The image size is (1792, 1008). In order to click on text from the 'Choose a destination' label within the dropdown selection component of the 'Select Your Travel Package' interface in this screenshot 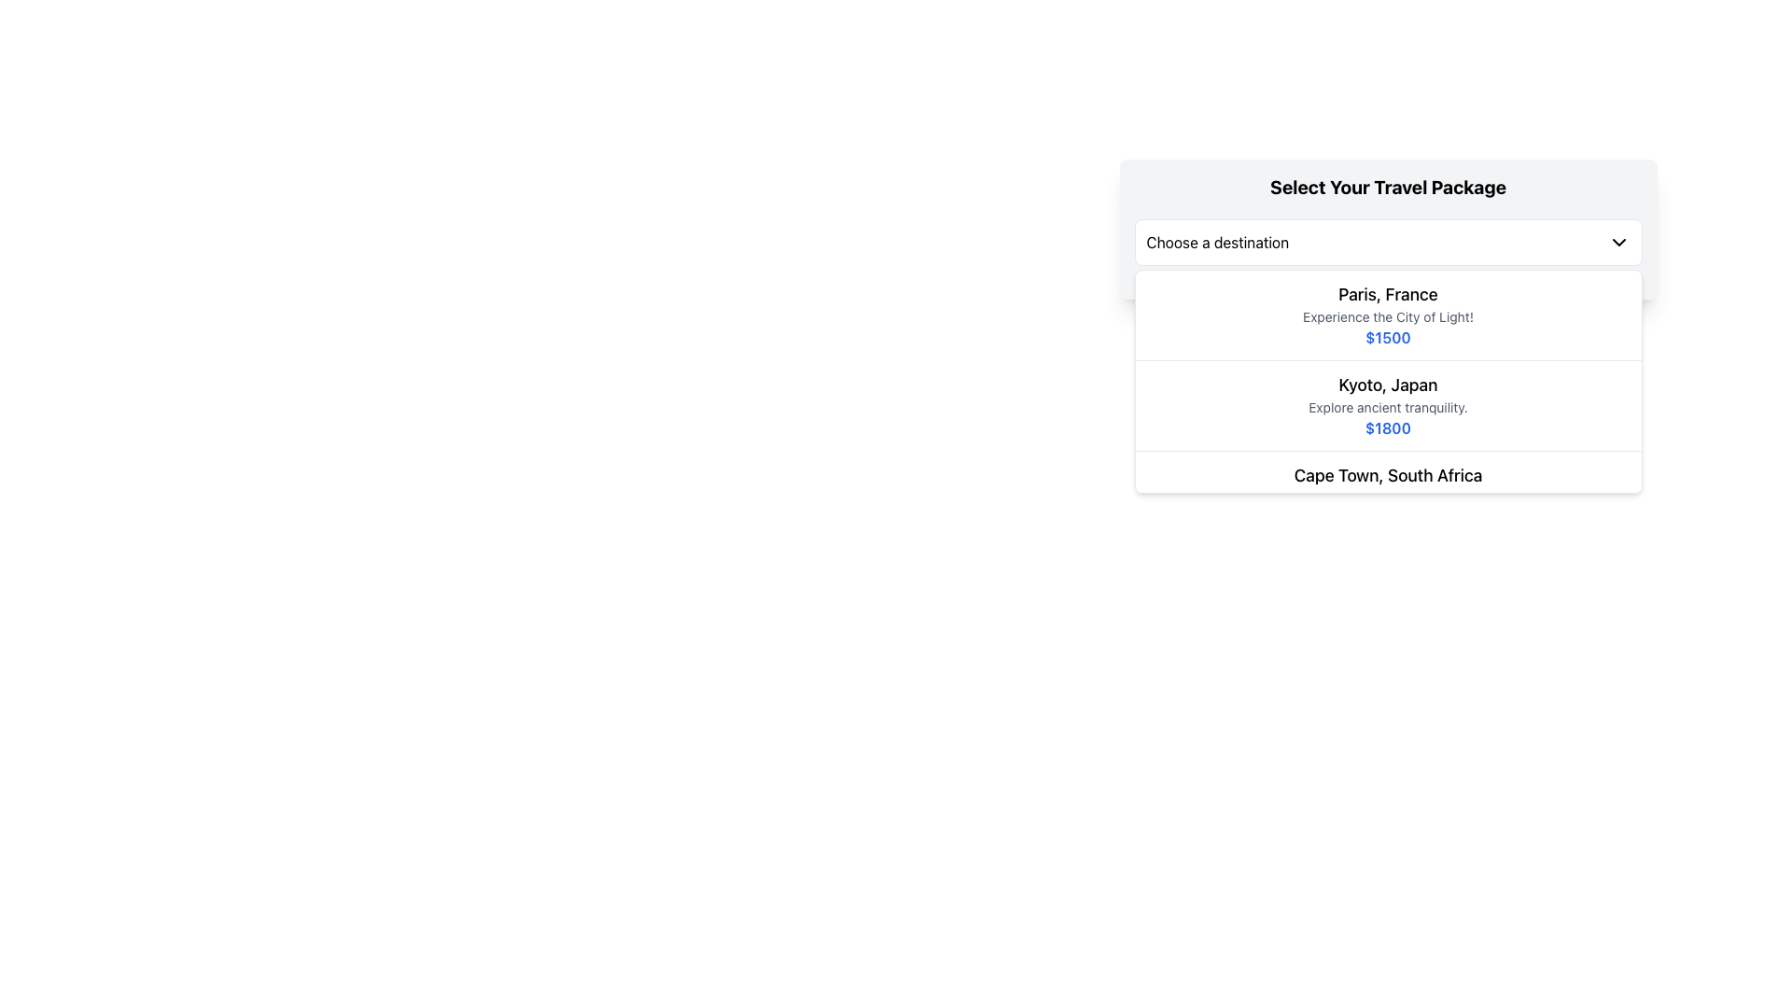, I will do `click(1217, 241)`.